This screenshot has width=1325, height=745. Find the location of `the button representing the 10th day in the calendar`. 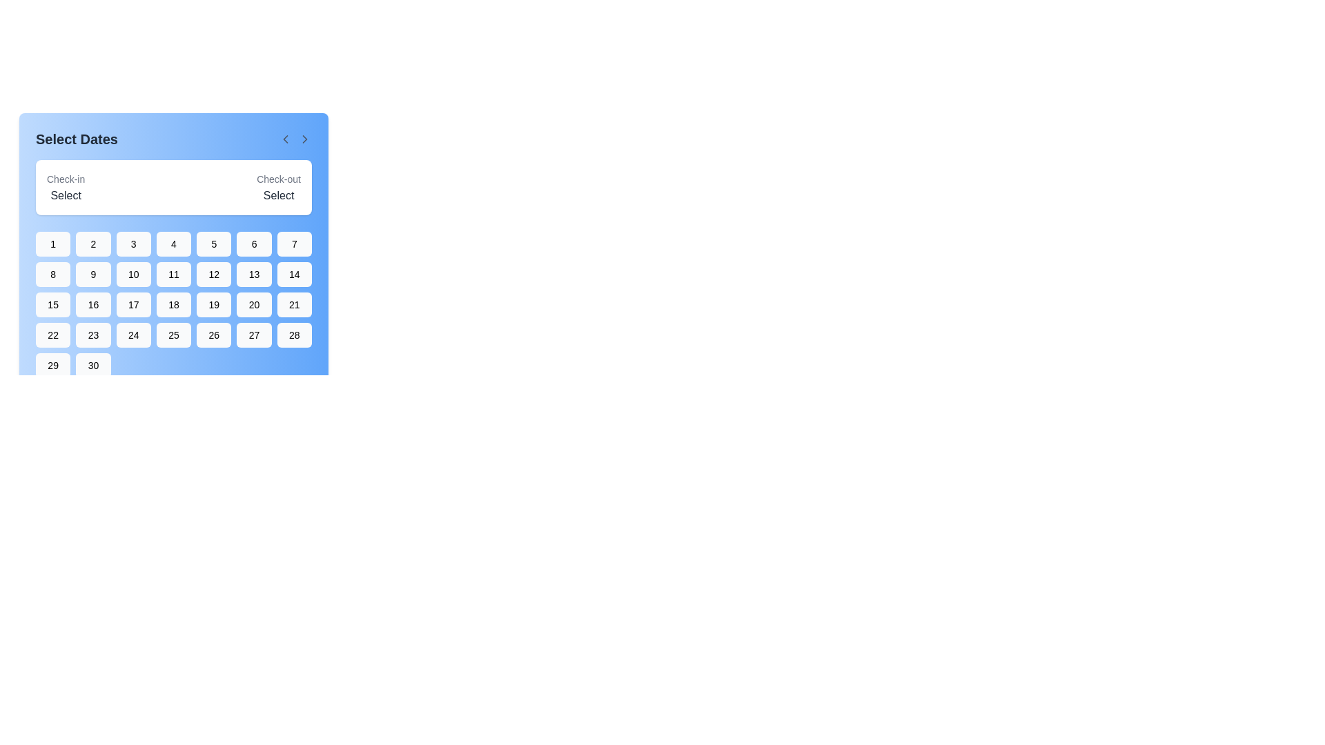

the button representing the 10th day in the calendar is located at coordinates (133, 274).